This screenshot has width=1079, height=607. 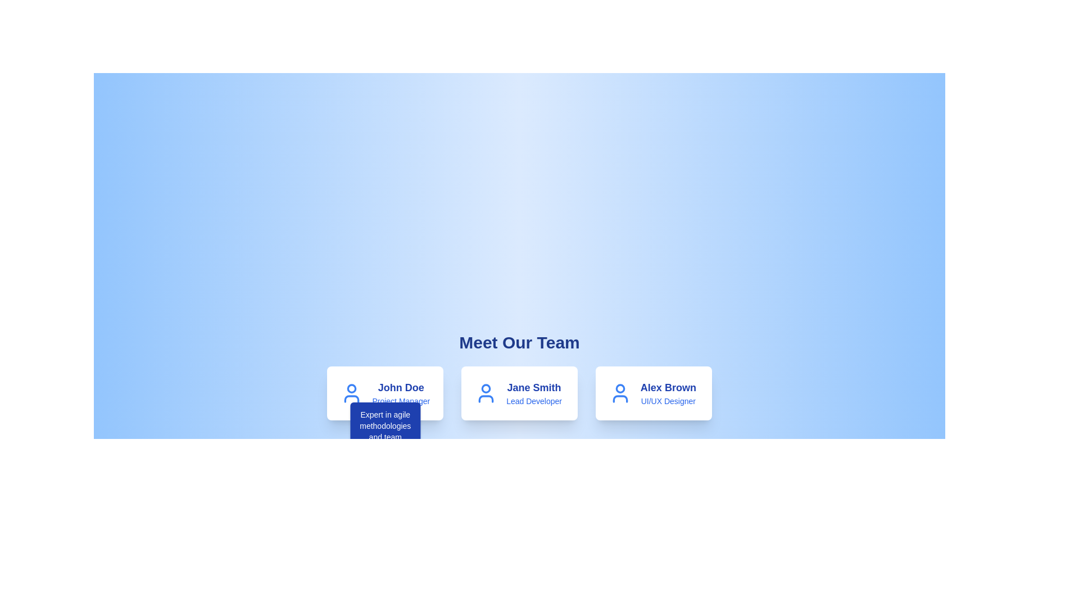 I want to click on the text label displaying 'Jane Smith' which identifies the individual associated with the card in the 'Meet Our Team' section, so click(x=533, y=387).